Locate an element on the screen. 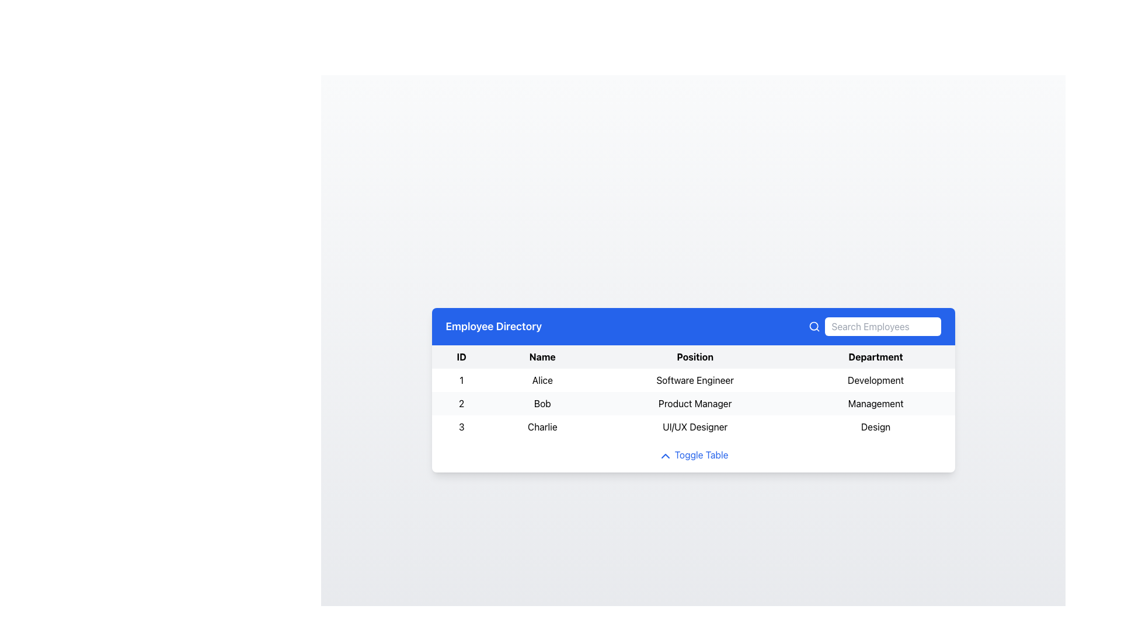 This screenshot has width=1121, height=630. a row in the 'Employee Directory' table is located at coordinates (693, 390).